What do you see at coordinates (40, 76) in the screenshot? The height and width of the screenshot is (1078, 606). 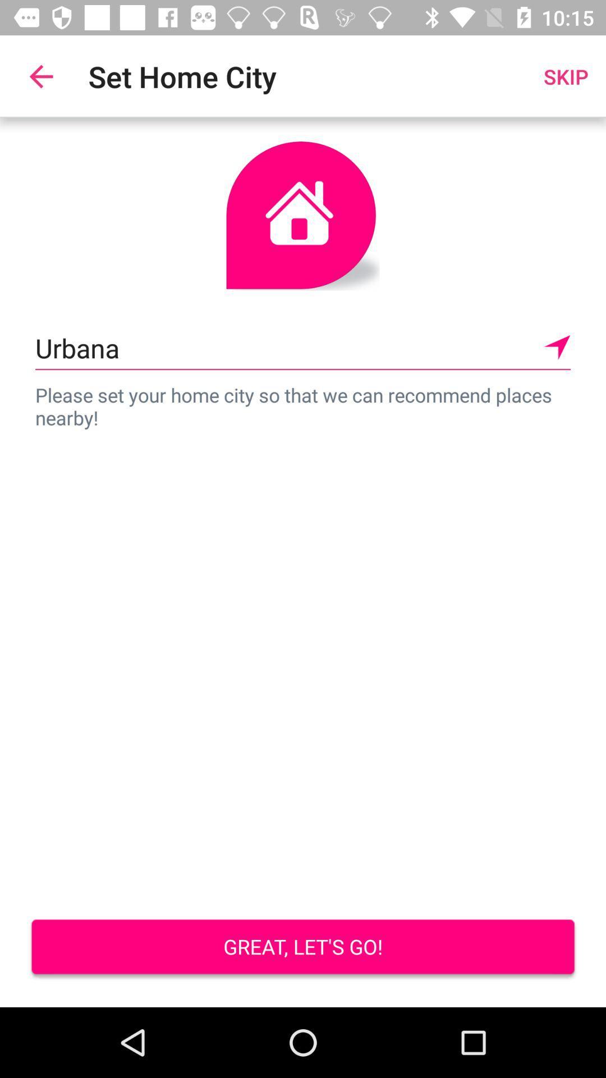 I see `the item to the left of the set home city item` at bounding box center [40, 76].